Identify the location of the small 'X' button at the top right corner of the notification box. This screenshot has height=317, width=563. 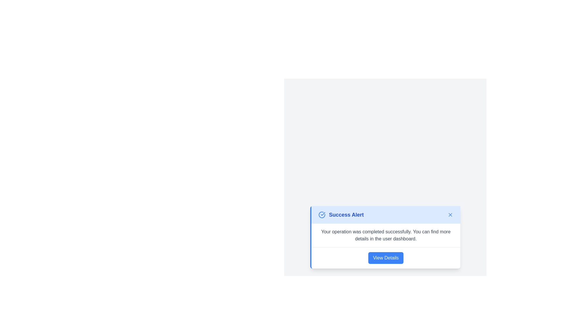
(450, 215).